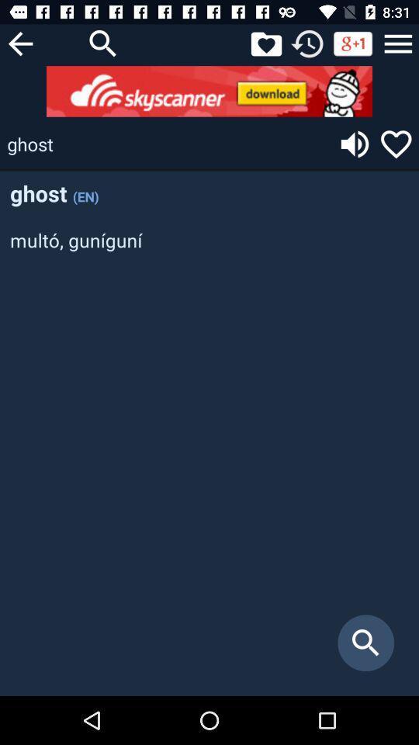 The image size is (419, 745). I want to click on search, so click(103, 43).